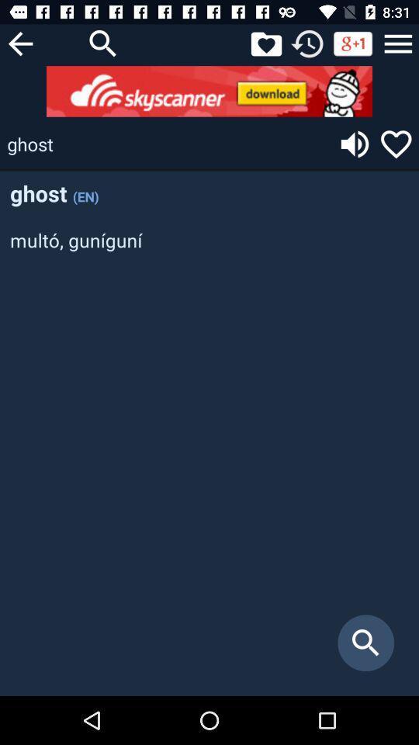 The image size is (419, 745). I want to click on search, so click(103, 43).